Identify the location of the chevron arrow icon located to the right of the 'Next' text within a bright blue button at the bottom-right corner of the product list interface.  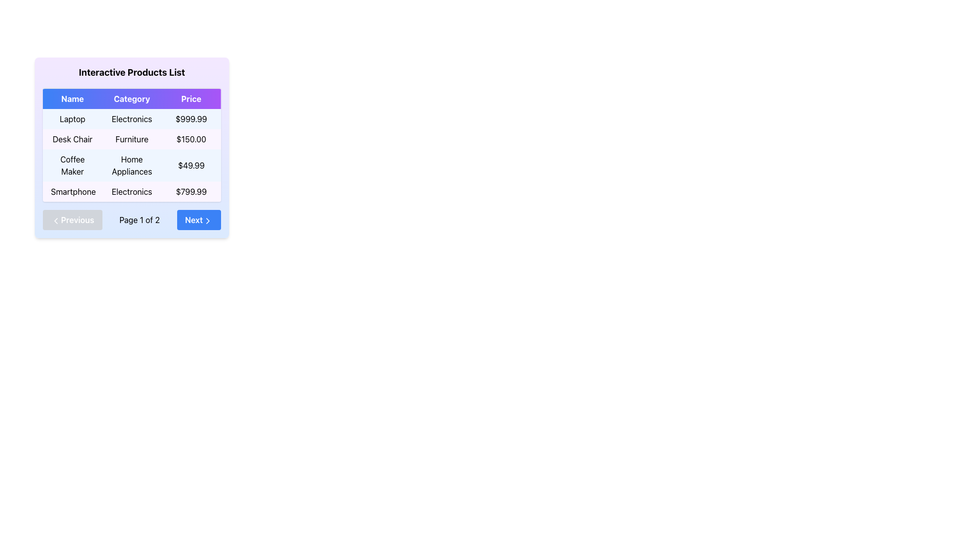
(207, 220).